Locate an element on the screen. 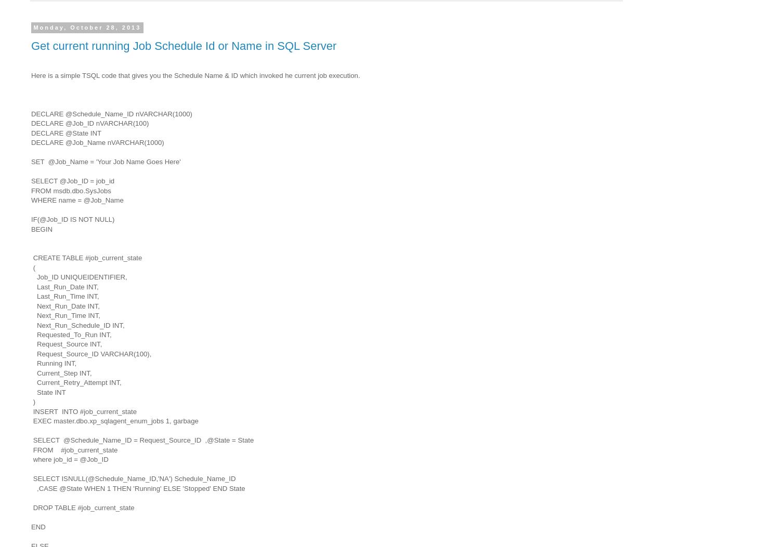 The height and width of the screenshot is (547, 784). 'DECLARE @Schedule_Name_ID nVARCHAR(1000)' is located at coordinates (111, 113).